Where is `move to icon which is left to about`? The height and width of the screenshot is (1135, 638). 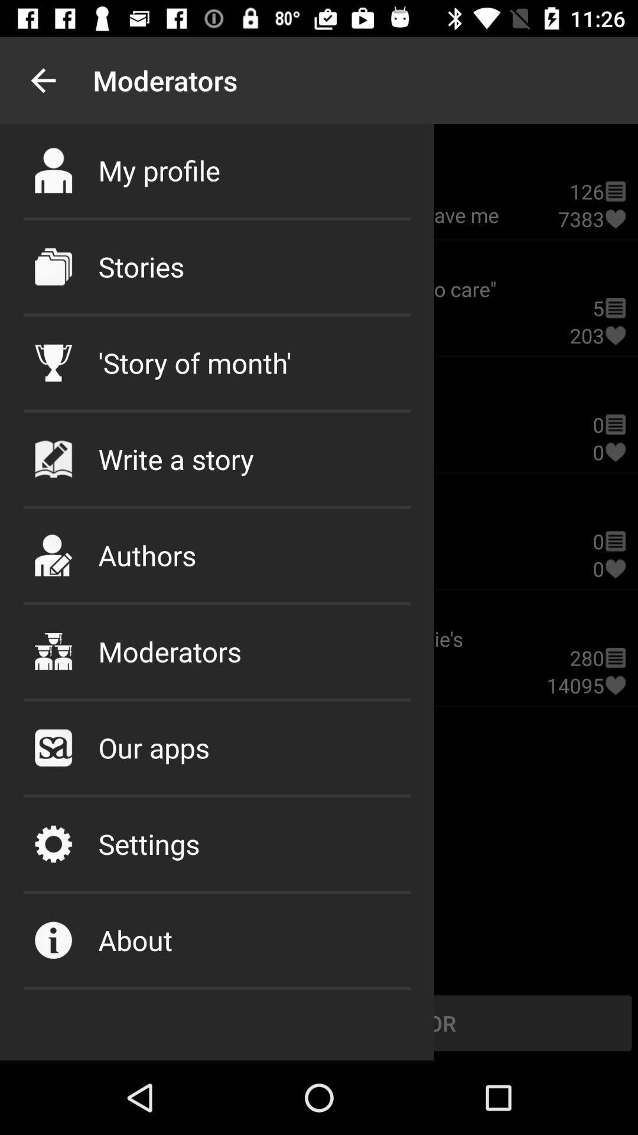 move to icon which is left to about is located at coordinates (53, 939).